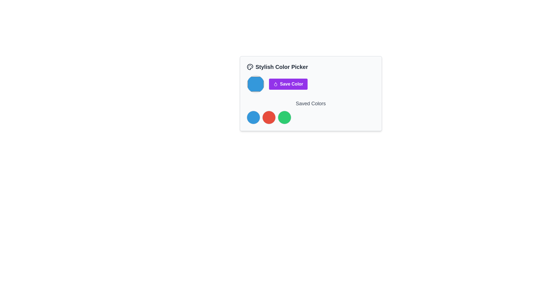 Image resolution: width=533 pixels, height=300 pixels. What do you see at coordinates (275, 84) in the screenshot?
I see `the small purple droplet-shaped icon located on the left side of the 'Save Color' button text, inside a purple rectangular button near the top-right corner of the displayed interface` at bounding box center [275, 84].